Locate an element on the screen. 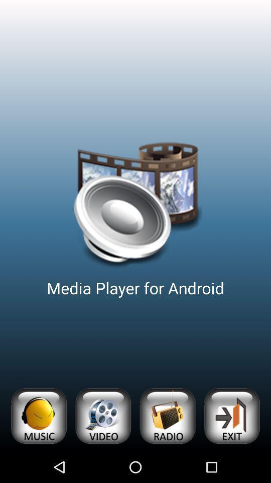 The height and width of the screenshot is (483, 271). video option is located at coordinates (102, 416).